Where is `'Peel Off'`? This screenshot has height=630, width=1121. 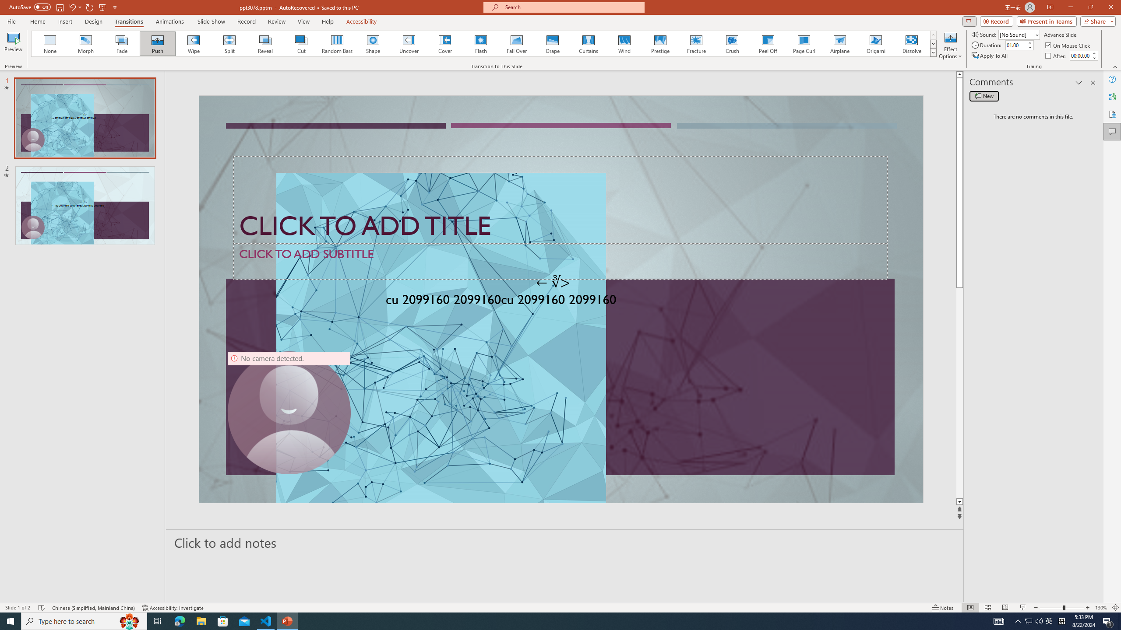
'Peel Off' is located at coordinates (767, 43).